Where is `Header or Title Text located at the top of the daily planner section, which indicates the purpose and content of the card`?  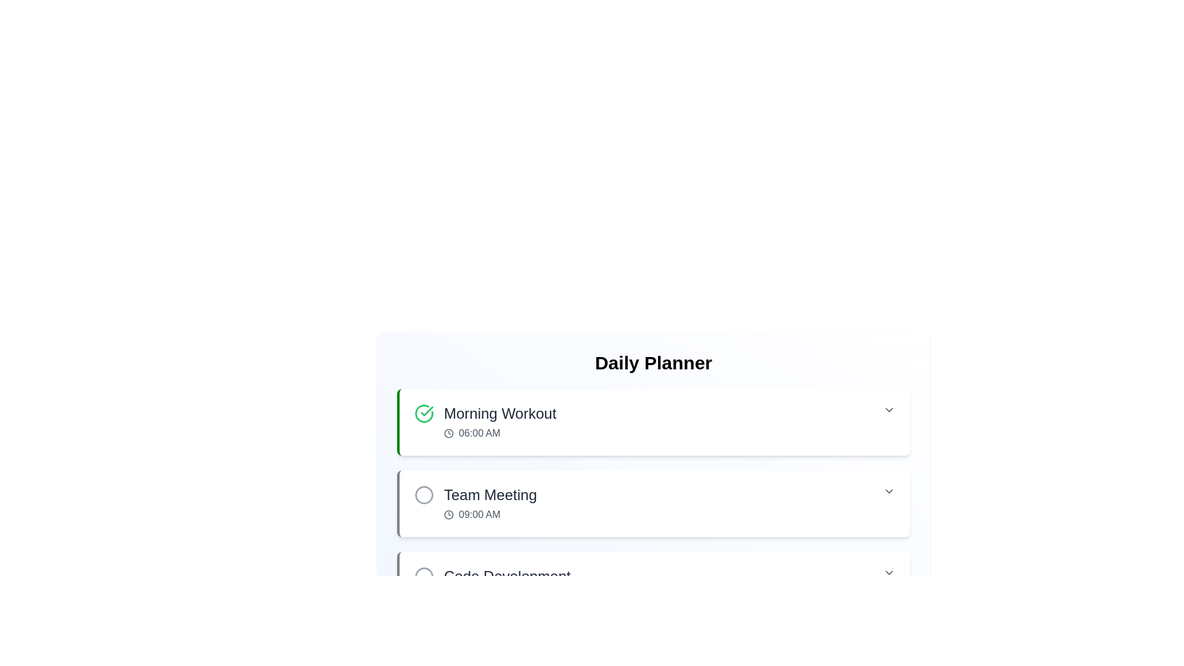 Header or Title Text located at the top of the daily planner section, which indicates the purpose and content of the card is located at coordinates (653, 363).